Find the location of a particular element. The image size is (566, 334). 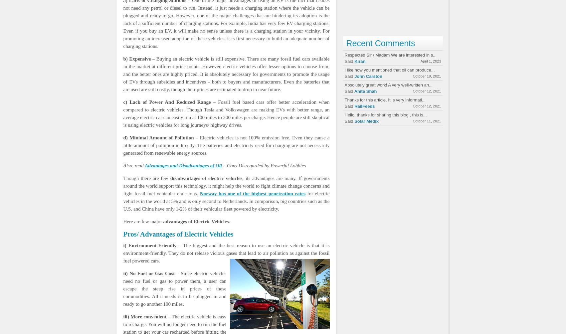

'Here are few major' is located at coordinates (143, 221).